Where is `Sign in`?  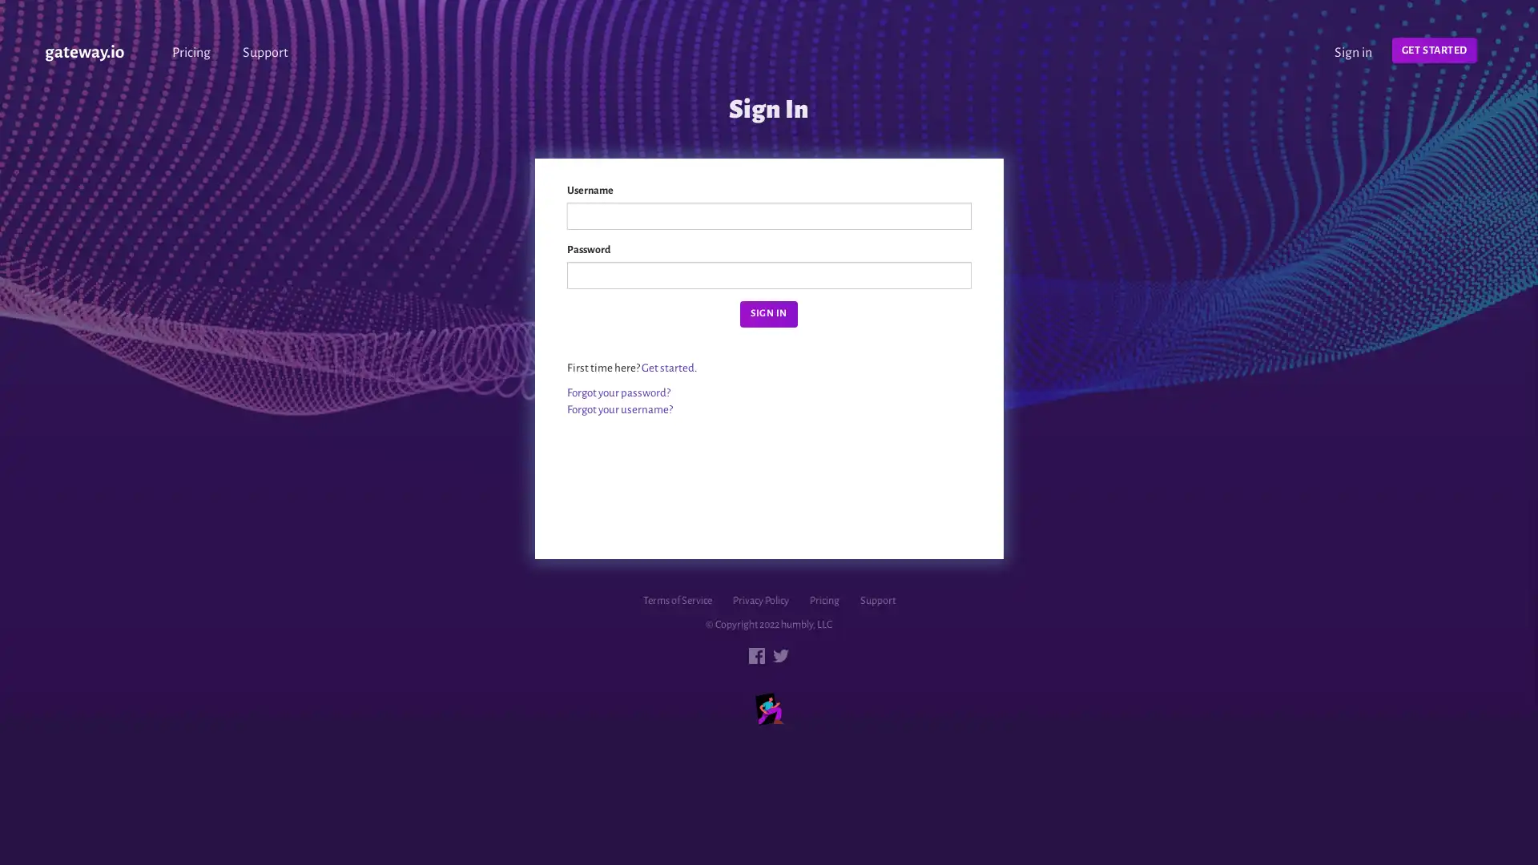
Sign in is located at coordinates (767, 314).